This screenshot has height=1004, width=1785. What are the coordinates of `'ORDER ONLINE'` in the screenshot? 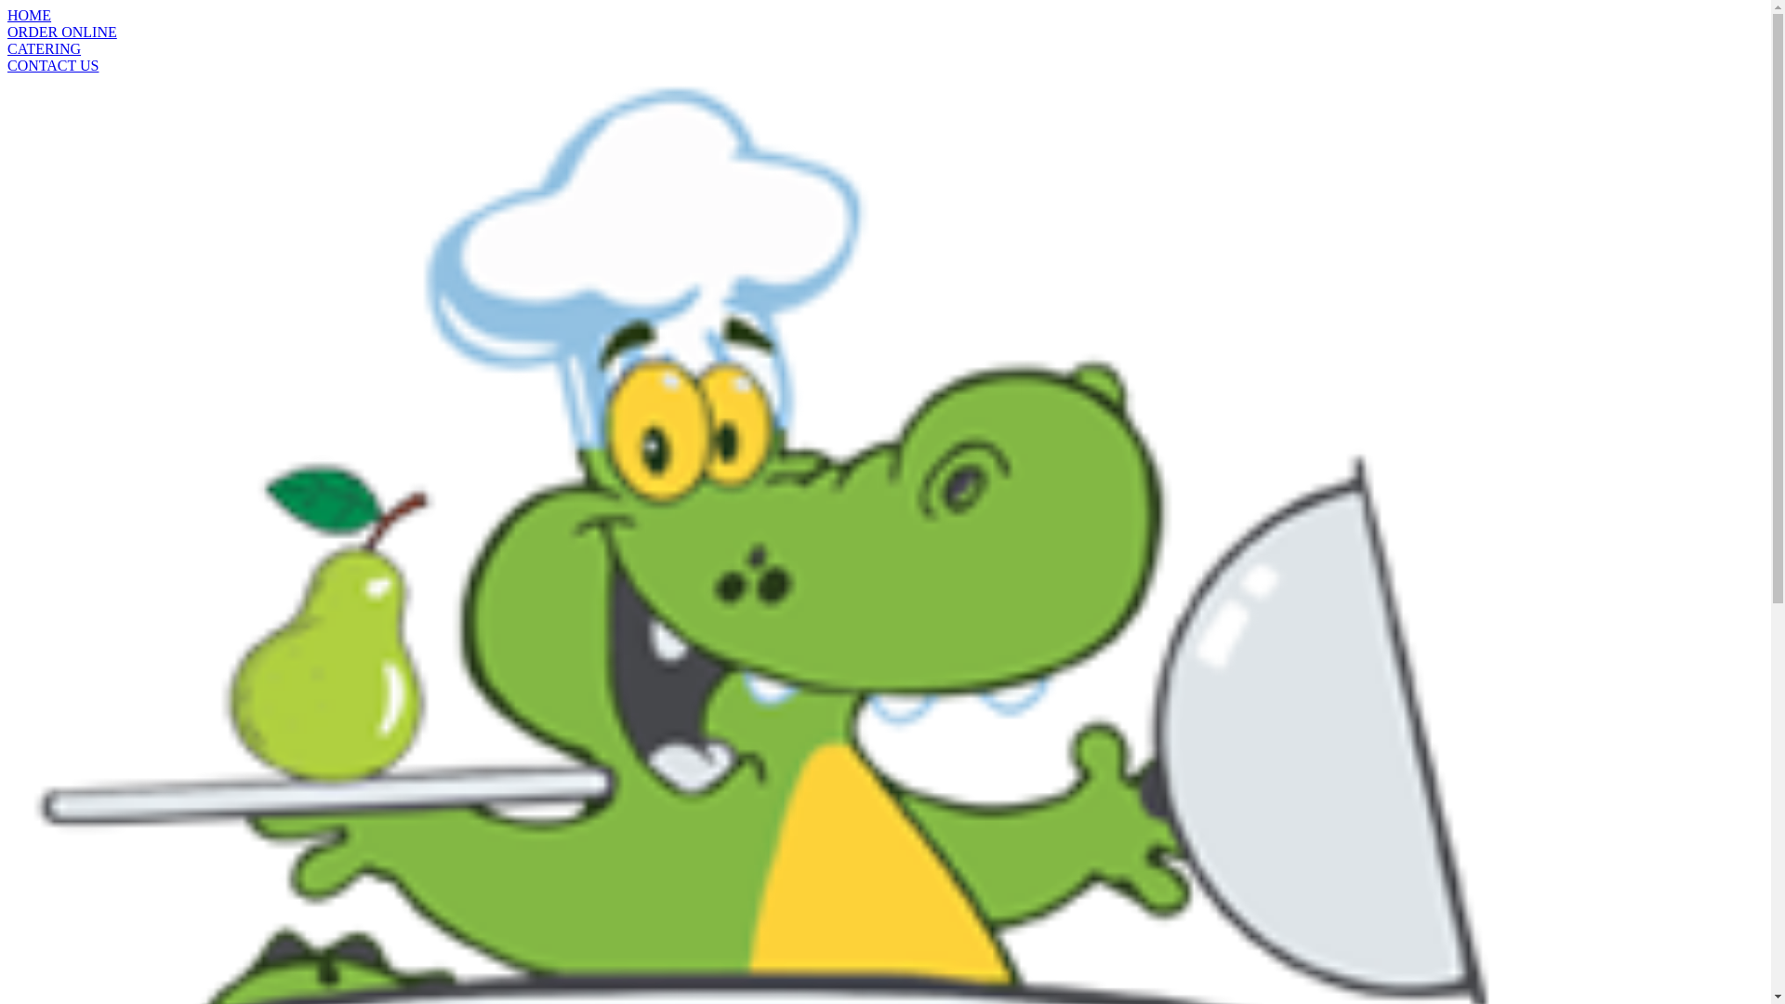 It's located at (884, 32).